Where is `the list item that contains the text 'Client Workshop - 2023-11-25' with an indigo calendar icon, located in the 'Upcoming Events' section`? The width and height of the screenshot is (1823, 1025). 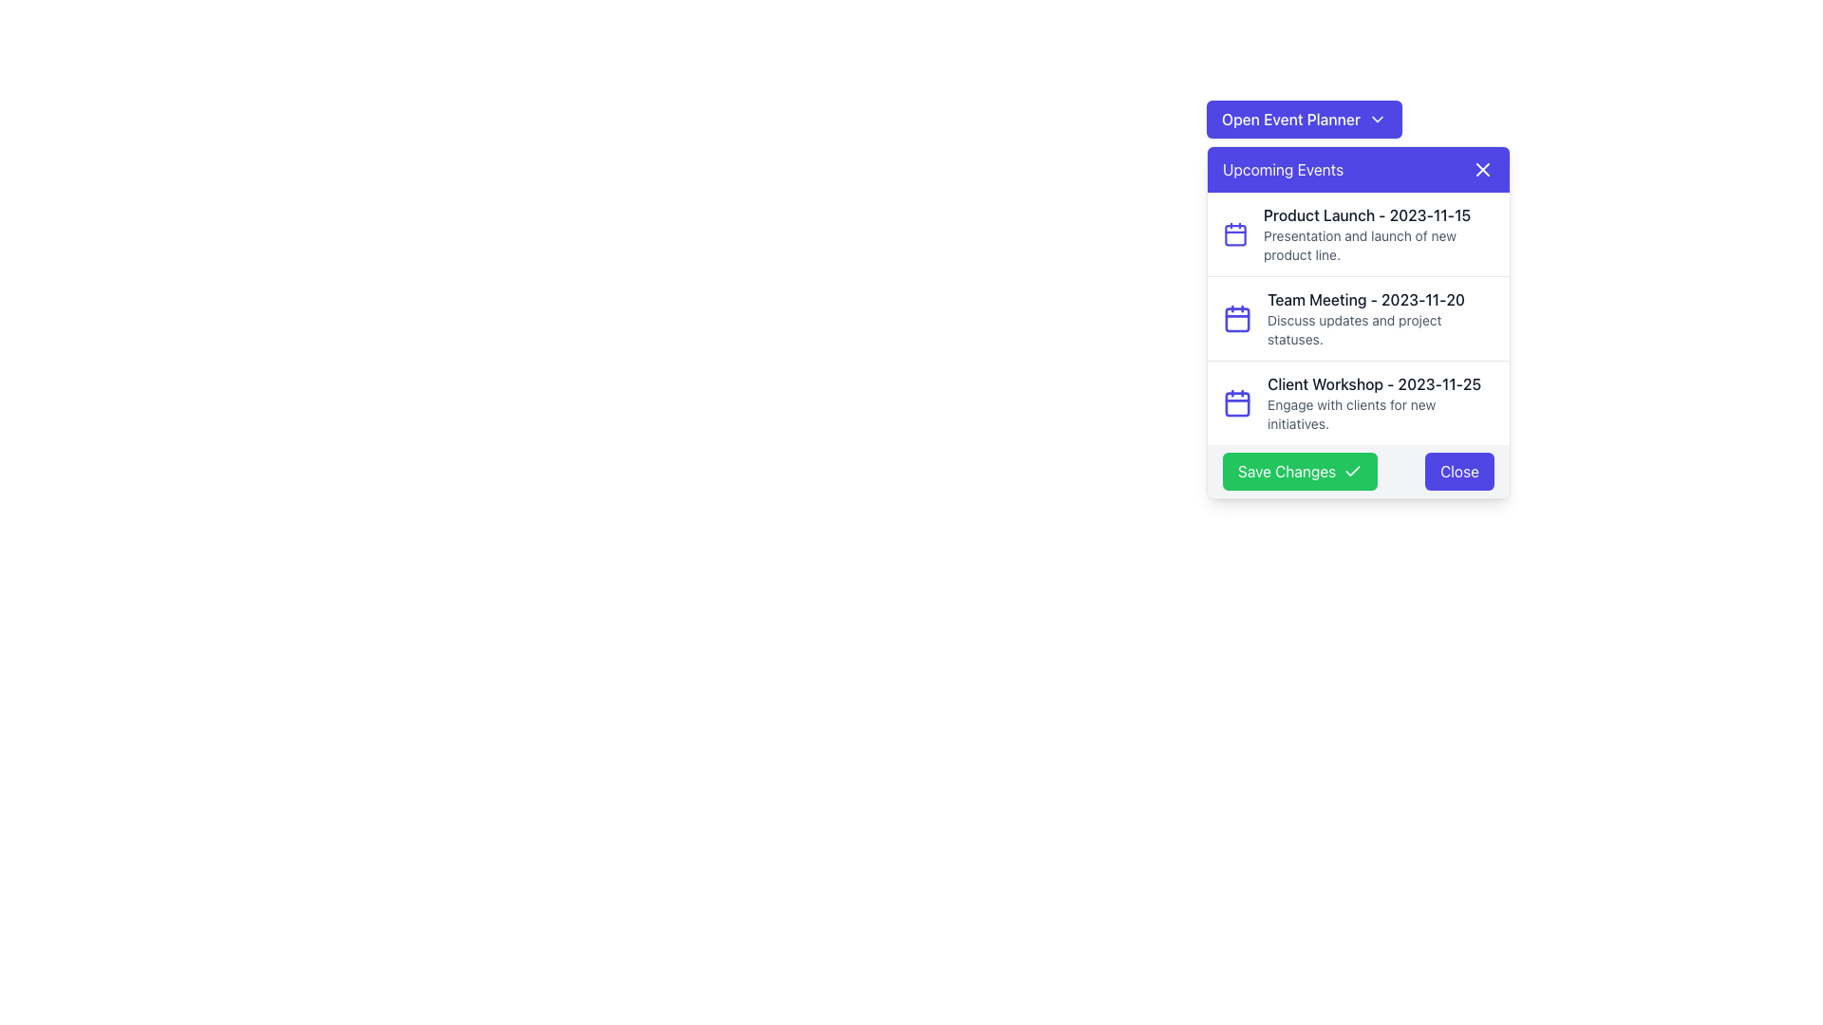
the list item that contains the text 'Client Workshop - 2023-11-25' with an indigo calendar icon, located in the 'Upcoming Events' section is located at coordinates (1357, 401).